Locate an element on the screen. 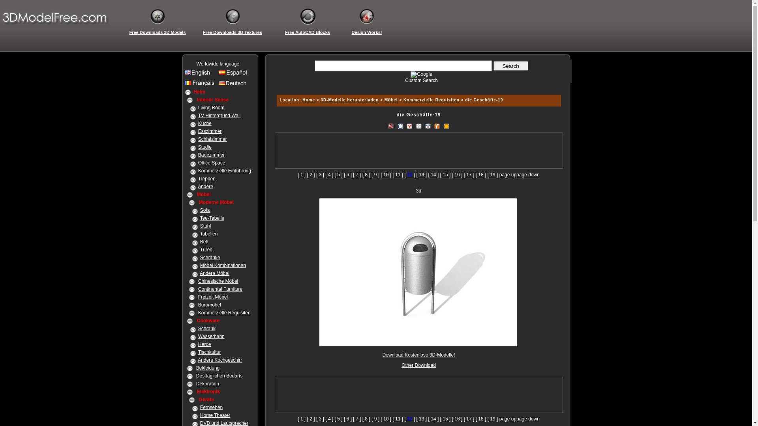  'Studie' is located at coordinates (205, 147).